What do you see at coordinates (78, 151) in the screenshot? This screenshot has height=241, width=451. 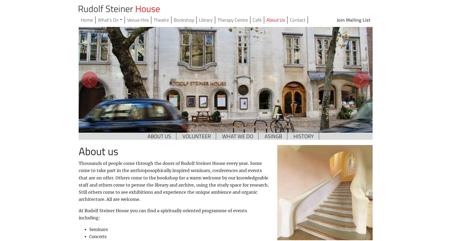 I see `'About us'` at bounding box center [78, 151].